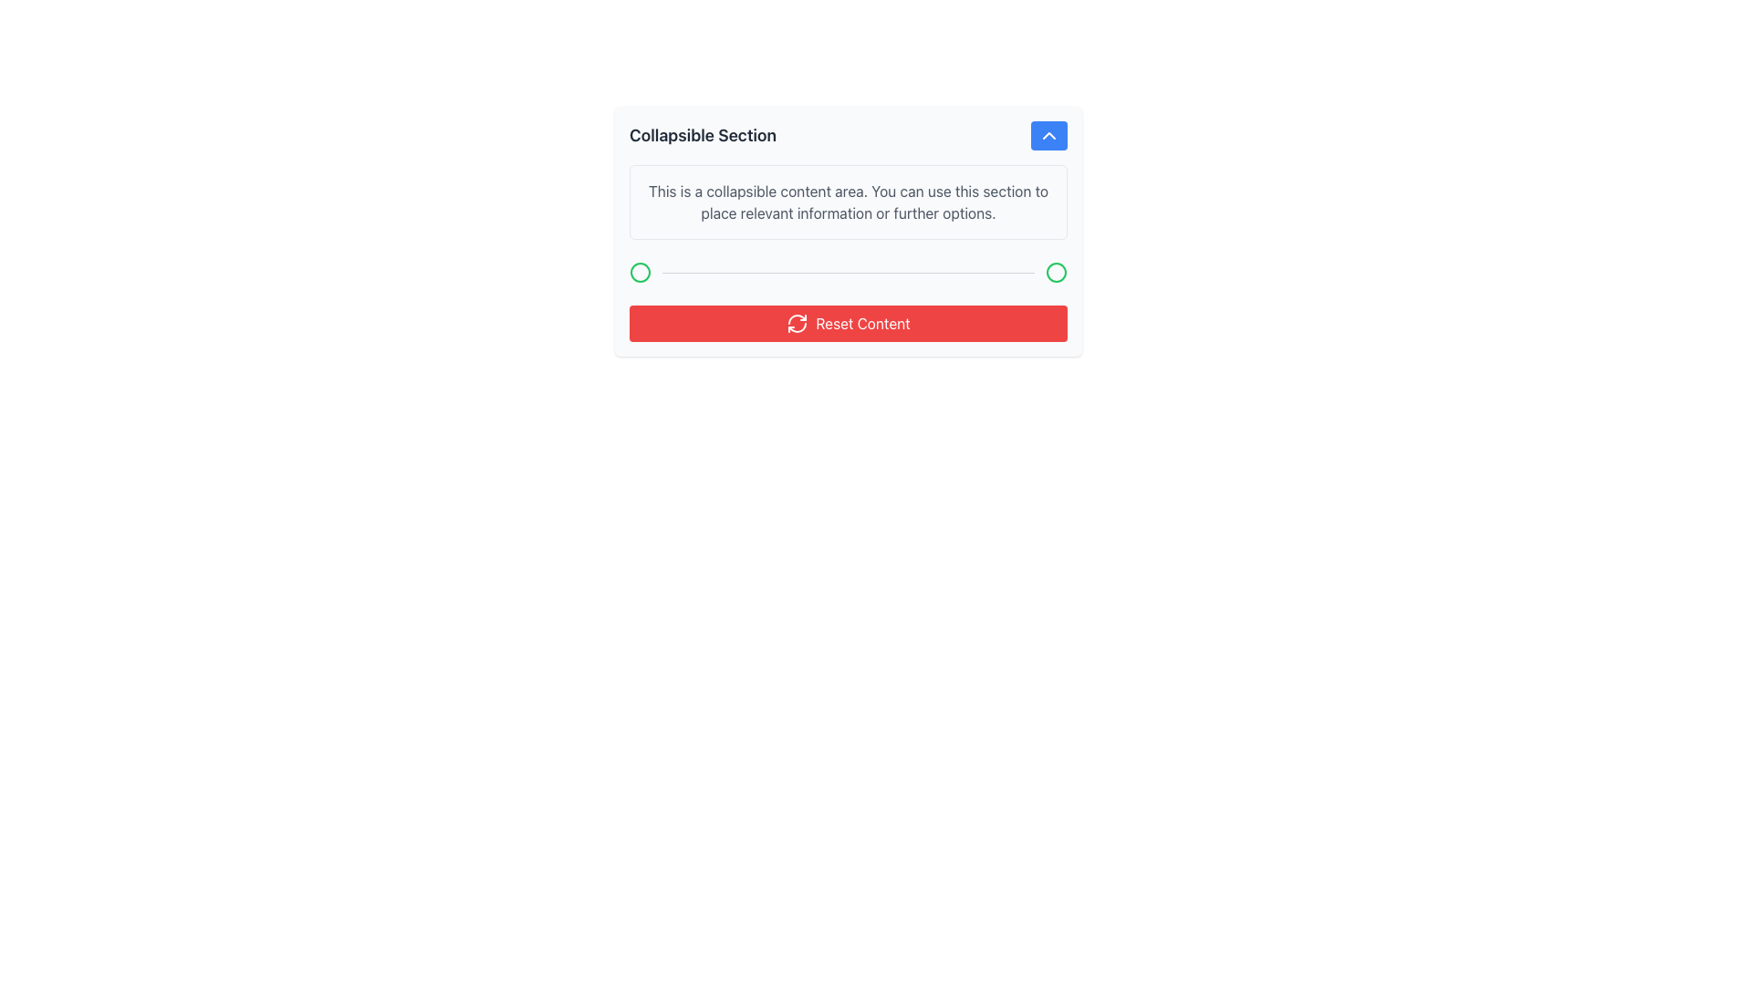 The width and height of the screenshot is (1752, 985). I want to click on the circular icon located near the upper left of the horizontal line, just below the 'Collapsible Section' heading, so click(640, 273).